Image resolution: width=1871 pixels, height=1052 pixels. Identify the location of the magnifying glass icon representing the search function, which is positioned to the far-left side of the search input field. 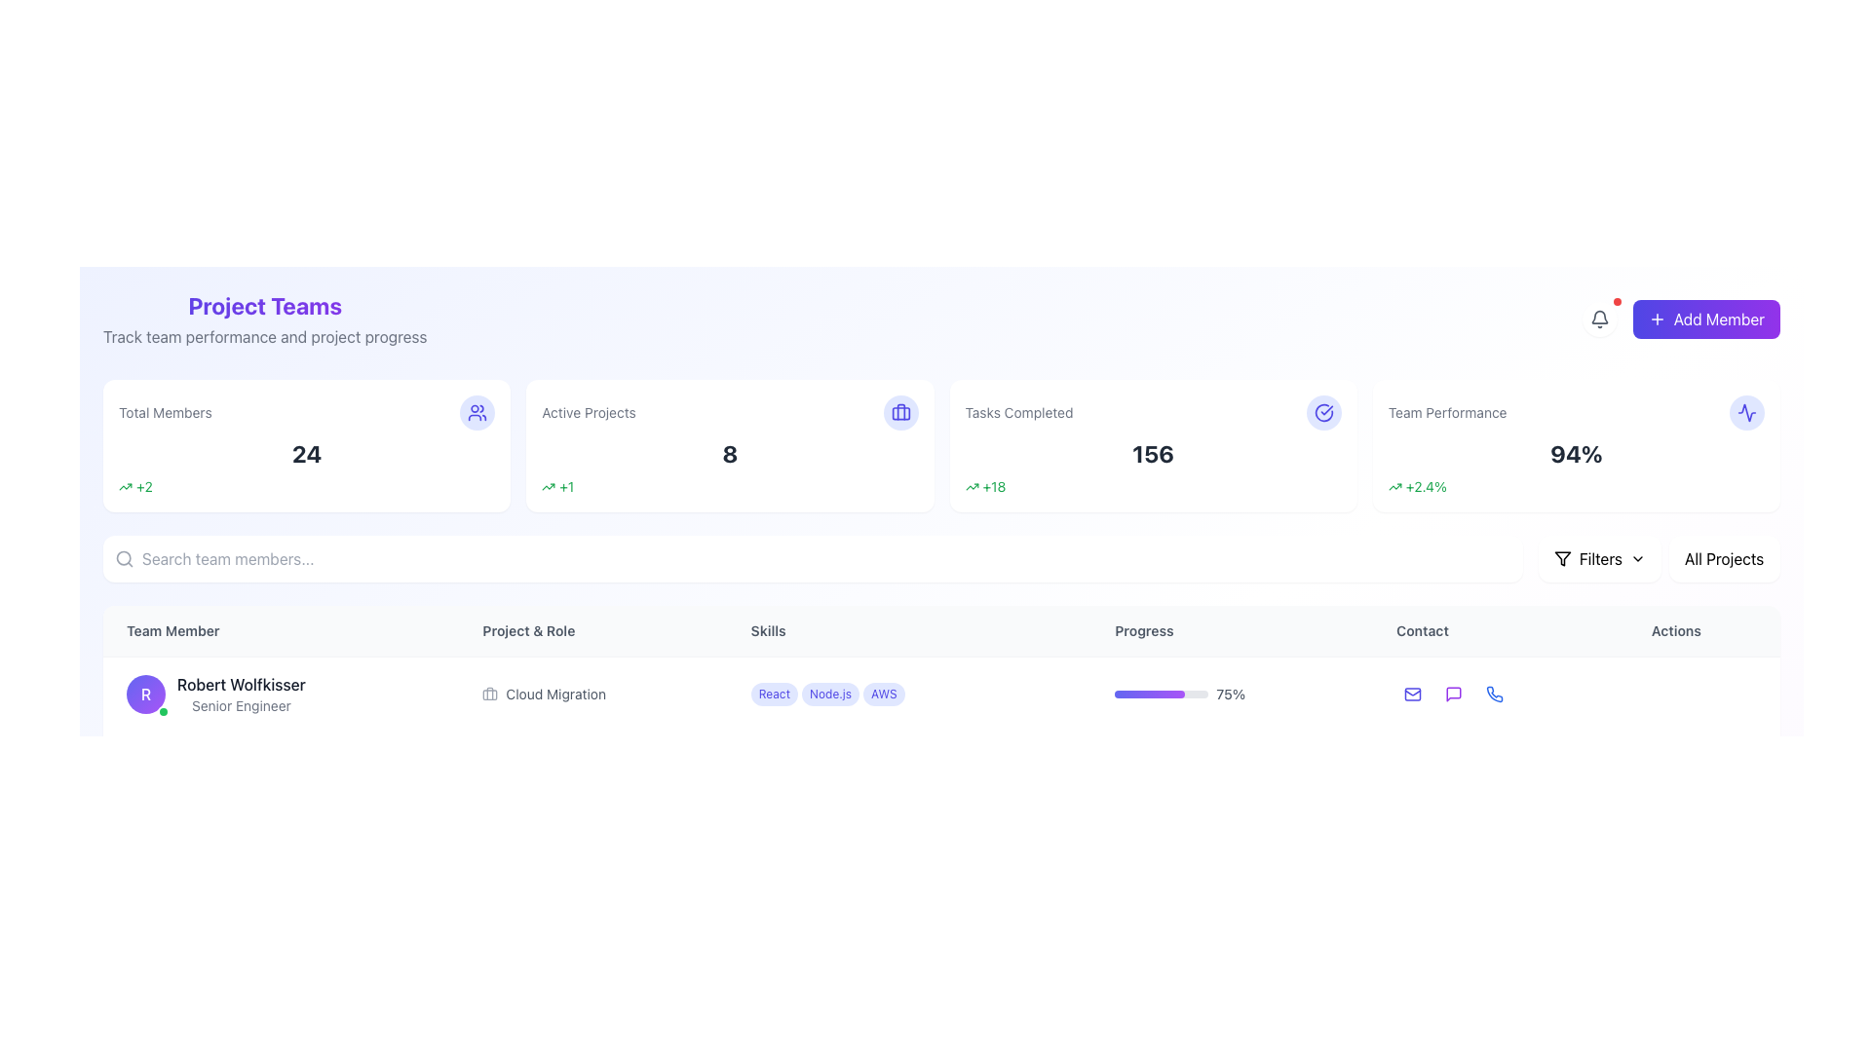
(124, 559).